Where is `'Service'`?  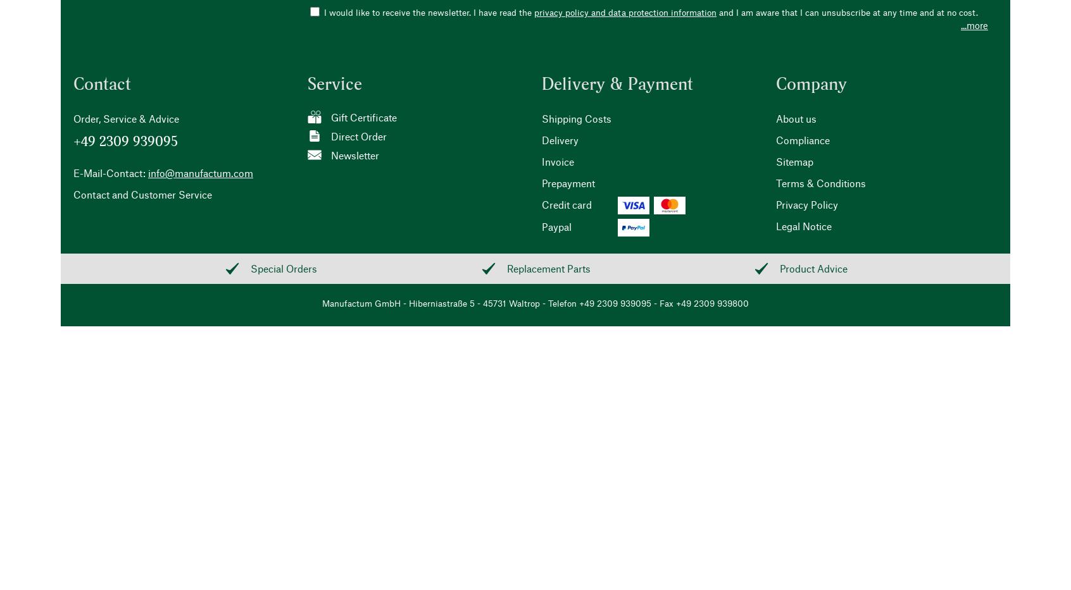 'Service' is located at coordinates (334, 82).